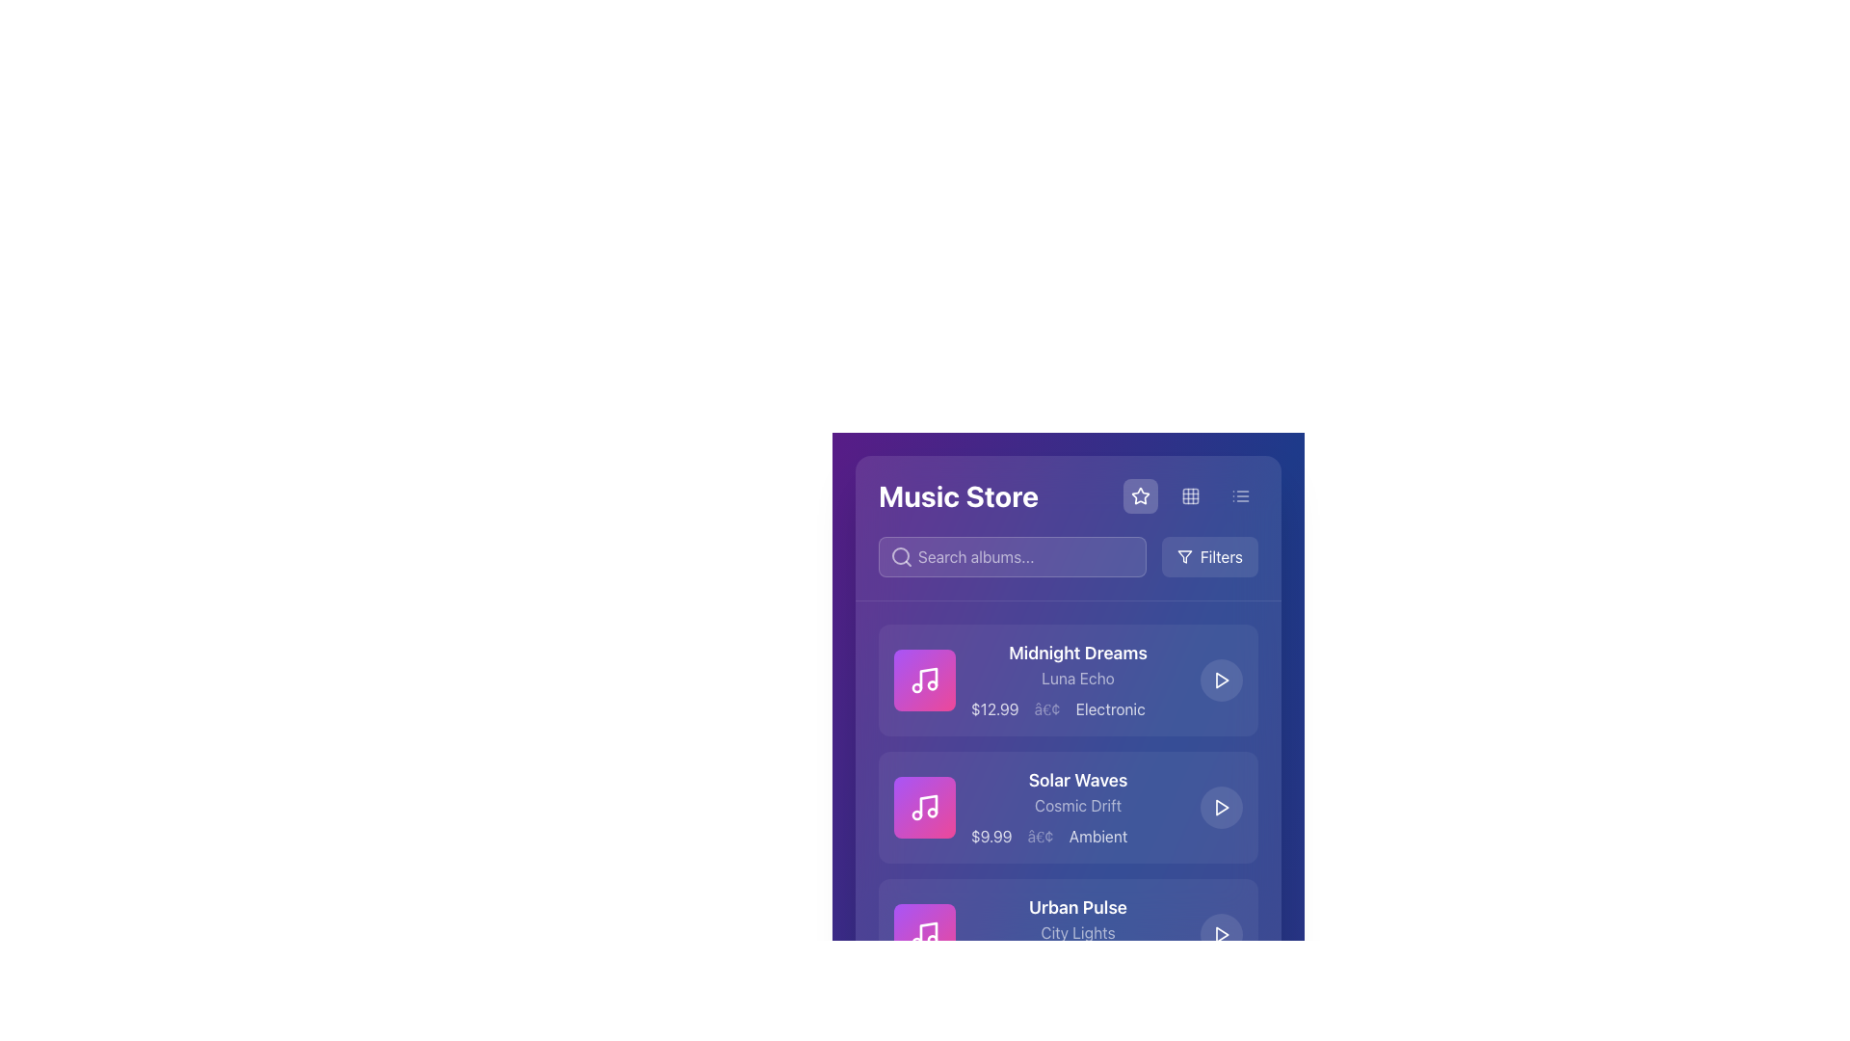 Image resolution: width=1850 pixels, height=1041 pixels. What do you see at coordinates (1240, 495) in the screenshot?
I see `the button styled as a list icon, which features three horizontal lines with dots on the left of each line, located` at bounding box center [1240, 495].